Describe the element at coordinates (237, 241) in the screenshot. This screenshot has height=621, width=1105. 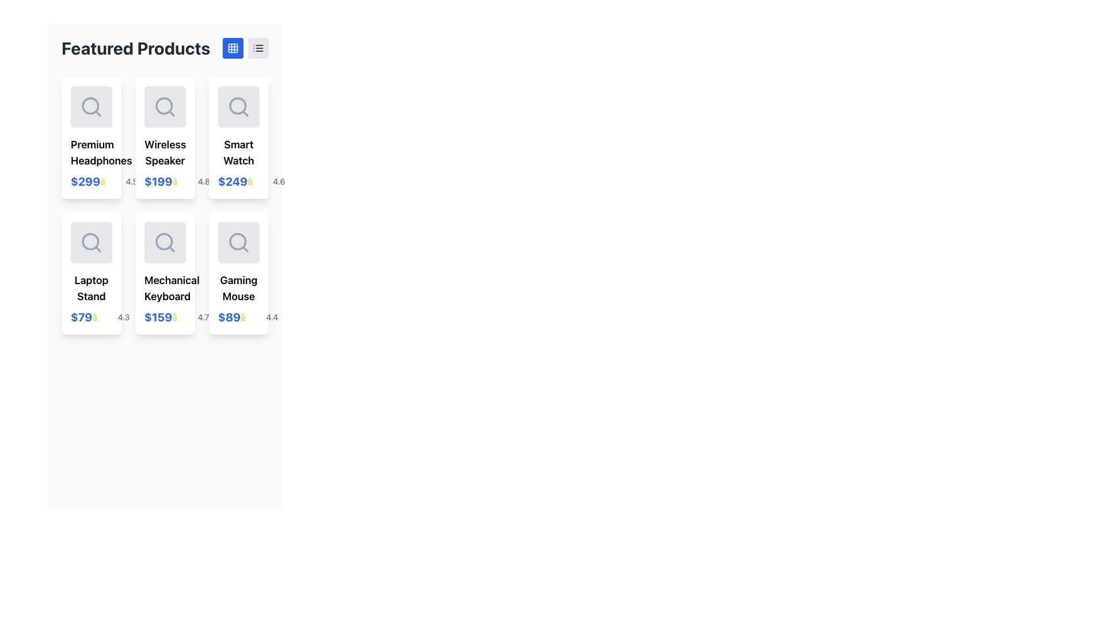
I see `the SVG circle element located at the center of the search icon for the 'Gaming Mouse' item in the product grid` at that location.